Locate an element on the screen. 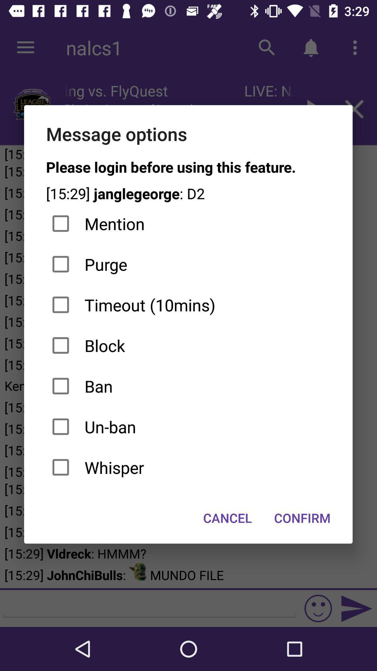 Image resolution: width=377 pixels, height=671 pixels. item above the purge icon is located at coordinates (188, 224).